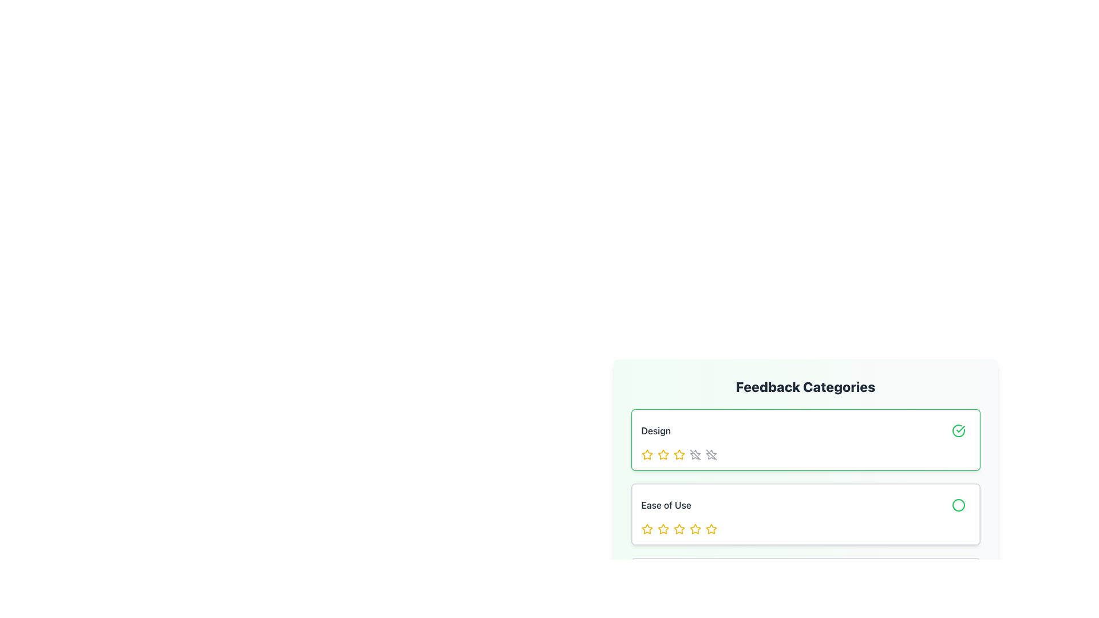 The height and width of the screenshot is (618, 1099). Describe the element at coordinates (663, 529) in the screenshot. I see `the second star in the 'Ease of Use' rating section` at that location.